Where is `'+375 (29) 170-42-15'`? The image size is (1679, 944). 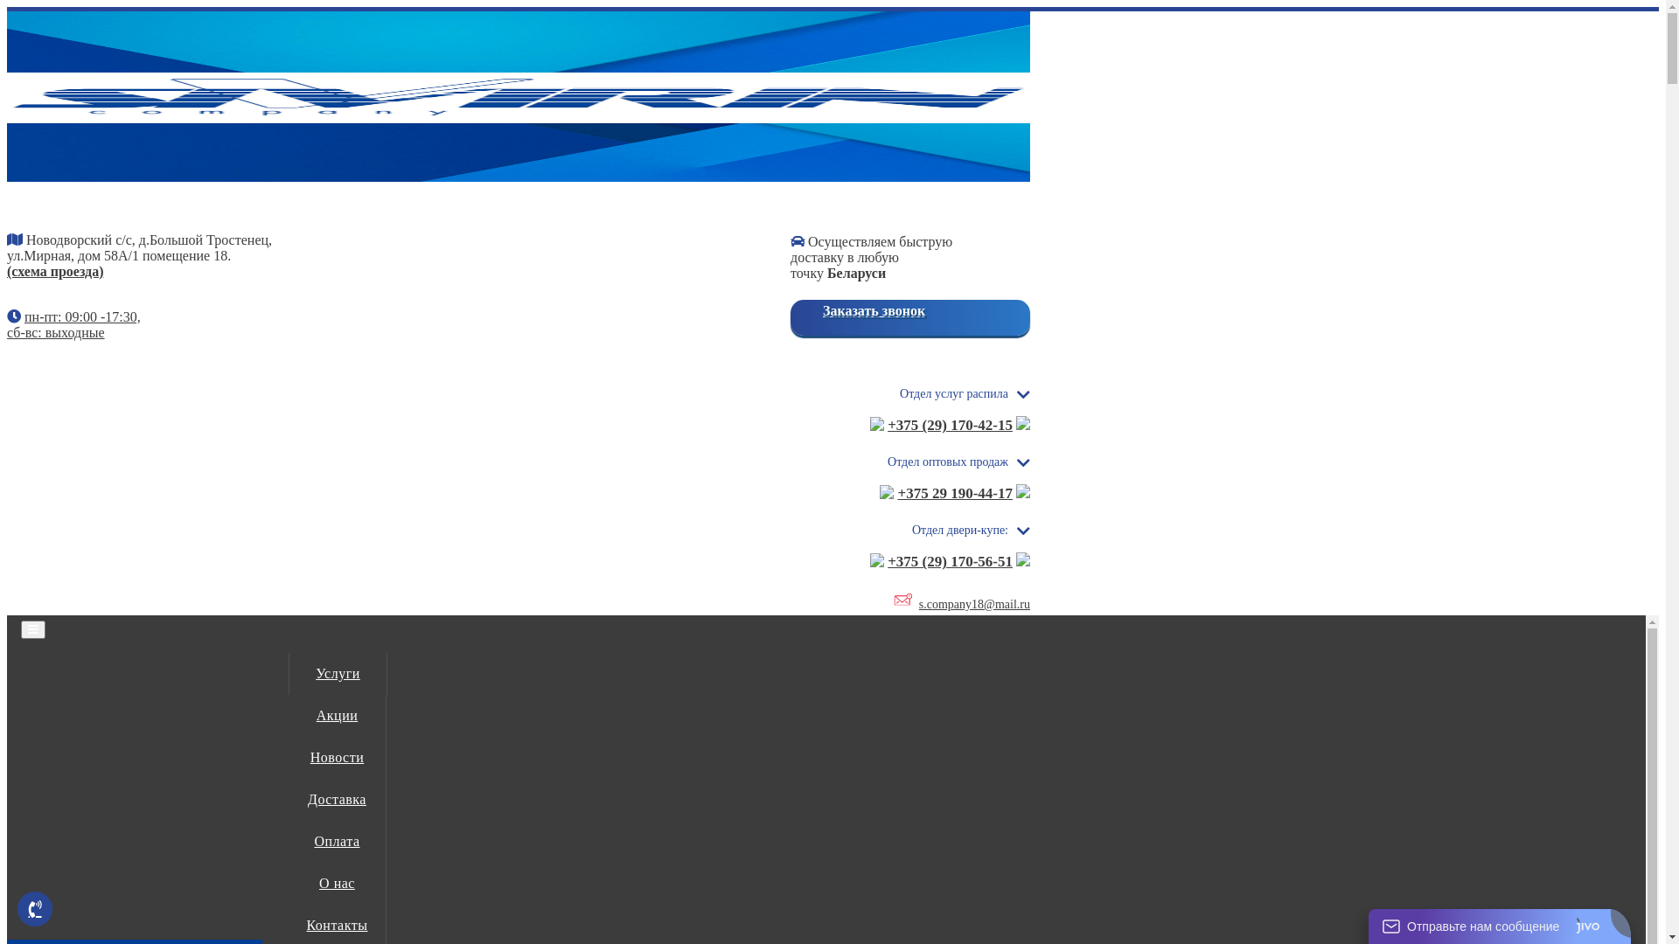 '+375 (29) 170-42-15' is located at coordinates (949, 425).